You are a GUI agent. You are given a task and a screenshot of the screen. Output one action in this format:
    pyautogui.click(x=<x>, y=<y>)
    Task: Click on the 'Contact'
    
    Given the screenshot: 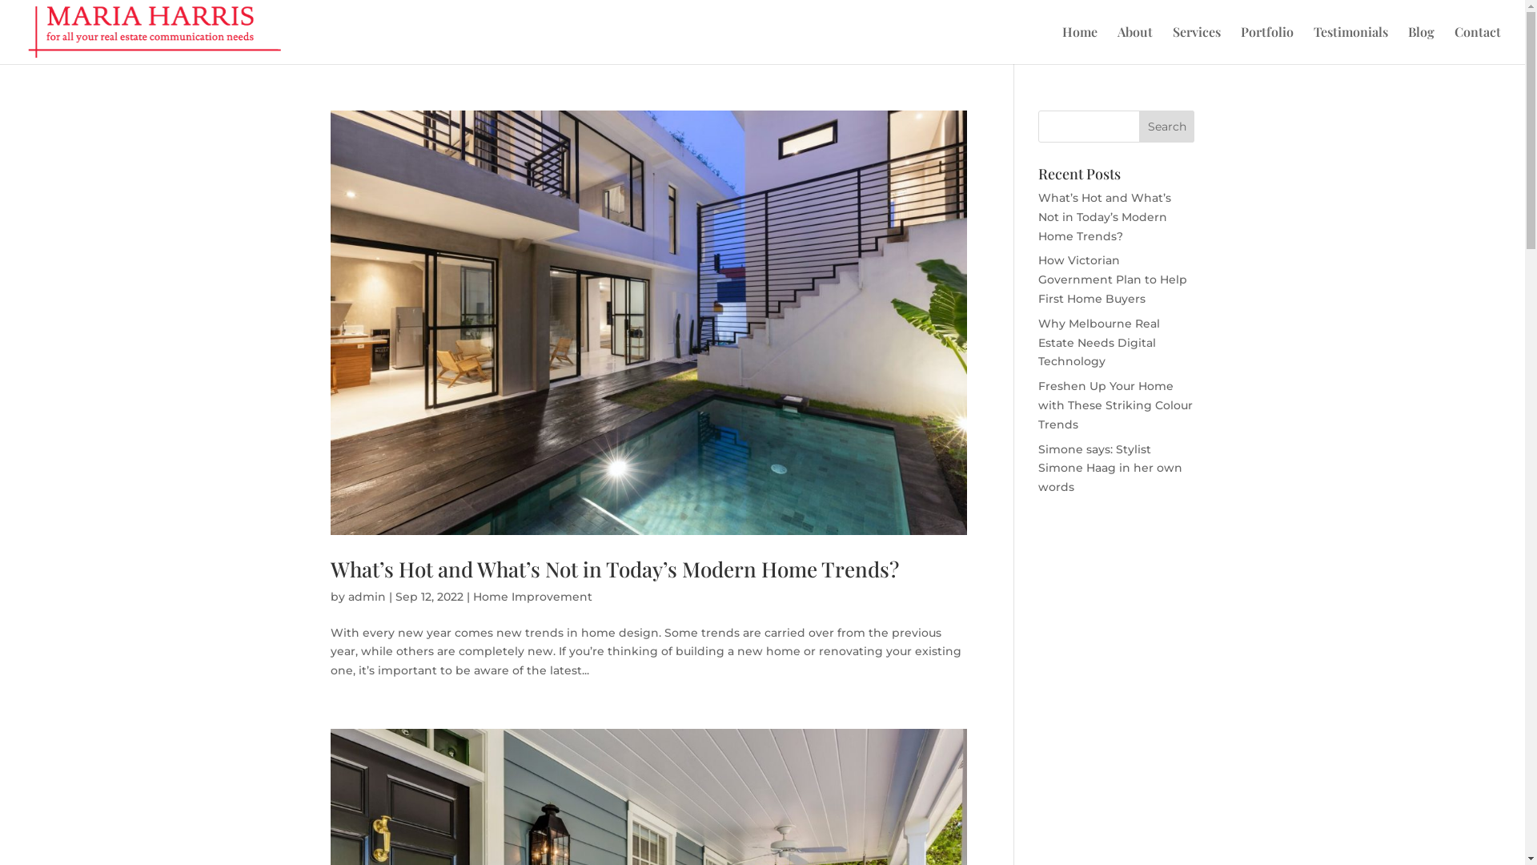 What is the action you would take?
    pyautogui.click(x=1477, y=44)
    